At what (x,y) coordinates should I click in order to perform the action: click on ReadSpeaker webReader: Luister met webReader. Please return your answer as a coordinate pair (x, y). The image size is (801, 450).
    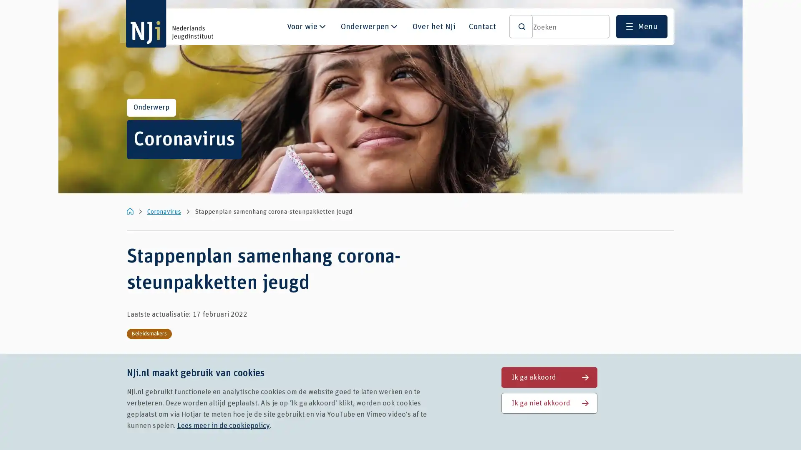
    Looking at the image, I should click on (340, 362).